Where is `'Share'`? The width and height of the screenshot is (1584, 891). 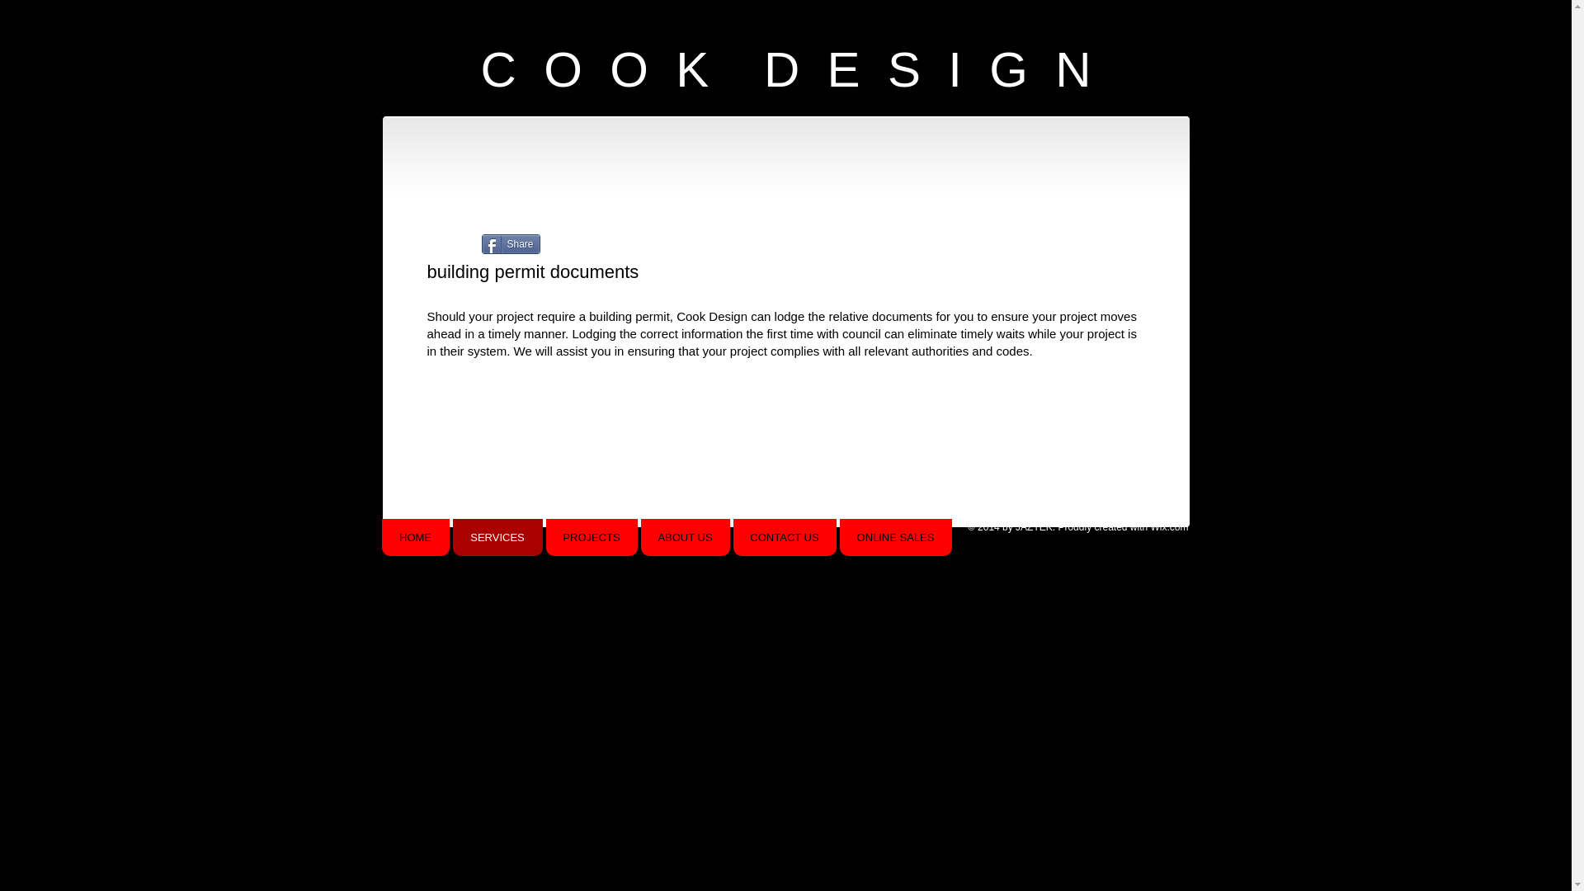 'Share' is located at coordinates (510, 244).